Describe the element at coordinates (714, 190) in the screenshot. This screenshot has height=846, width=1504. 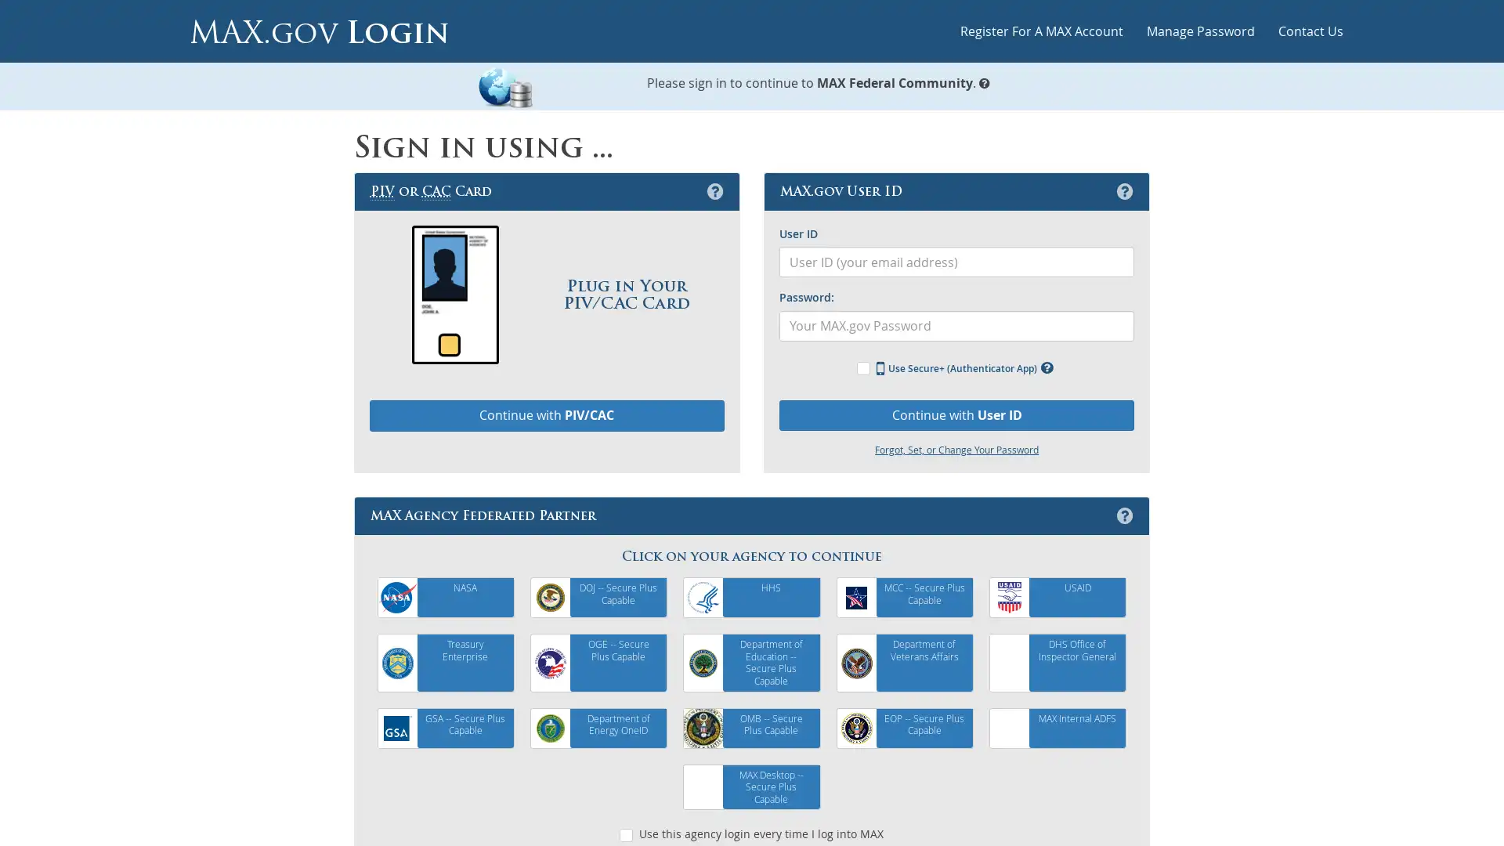
I see `Personal Identification Verification or Common Access Card` at that location.